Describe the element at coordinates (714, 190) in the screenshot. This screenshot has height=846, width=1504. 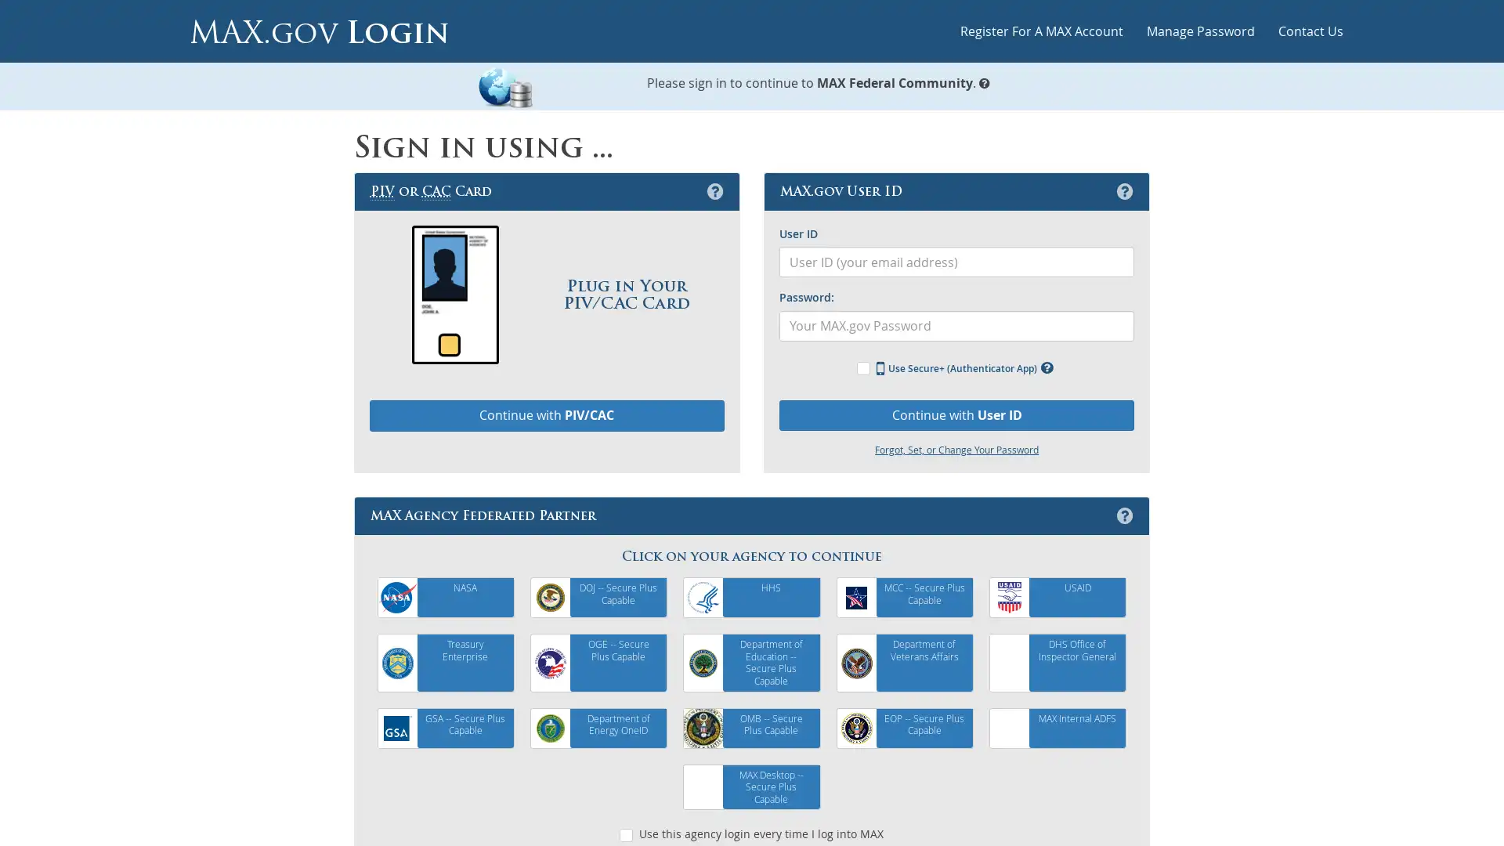
I see `Personal Identification Verification or Common Access Card` at that location.